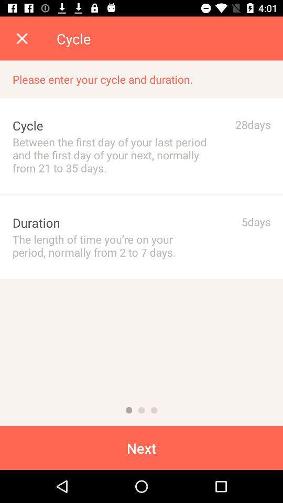 The height and width of the screenshot is (503, 283). I want to click on because back devicer, so click(154, 410).